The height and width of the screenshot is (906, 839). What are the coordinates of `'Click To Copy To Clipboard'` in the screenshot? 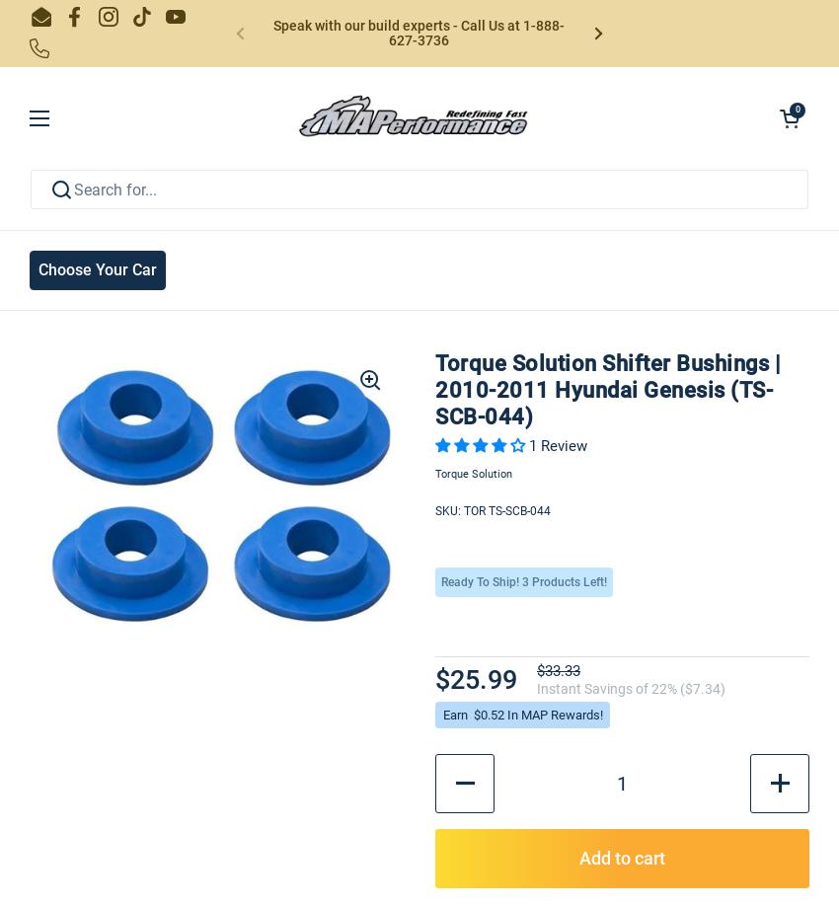 It's located at (501, 470).